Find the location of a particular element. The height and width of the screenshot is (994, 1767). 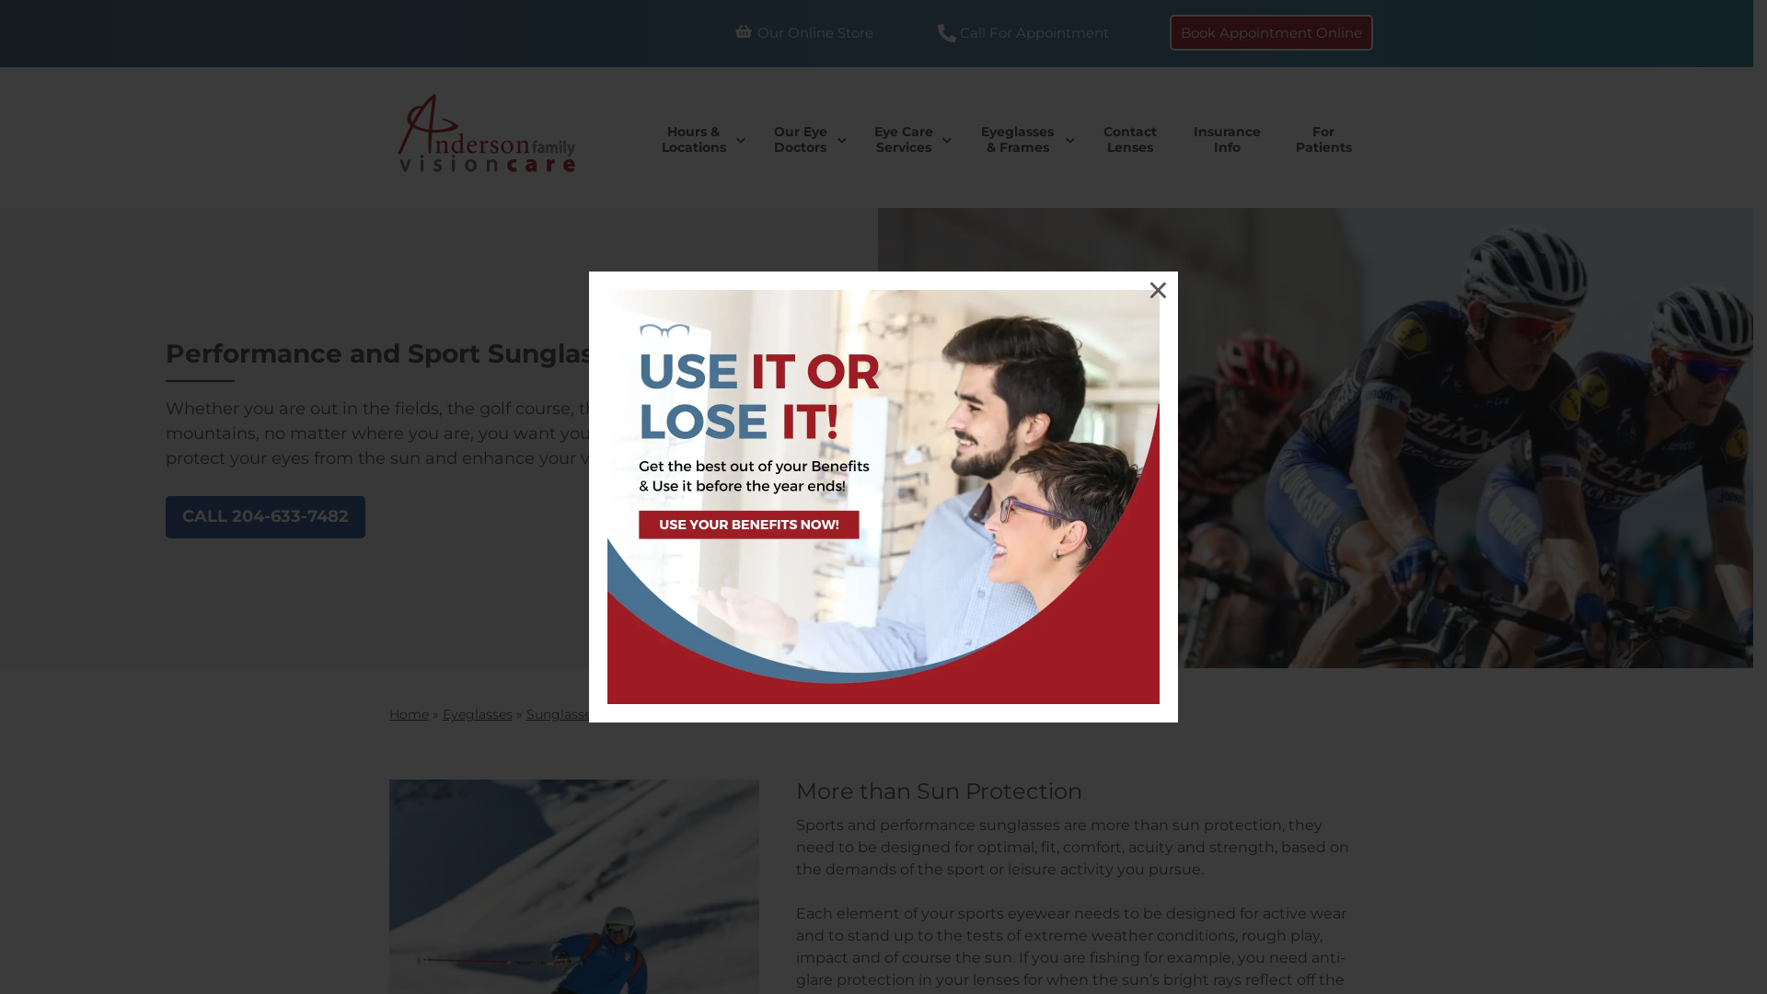

'For Patients' is located at coordinates (1322, 138).